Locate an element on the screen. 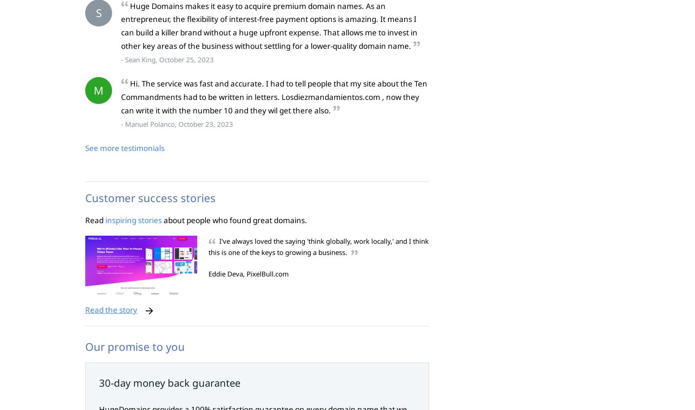  'Hi. The service was fast and accurate.
I had to tell people that my site about the Ten Commandments had to be written in letters. Losdiezmandamientos.com , now they can write it with the number 10 and they wil get there also.' is located at coordinates (121, 97).